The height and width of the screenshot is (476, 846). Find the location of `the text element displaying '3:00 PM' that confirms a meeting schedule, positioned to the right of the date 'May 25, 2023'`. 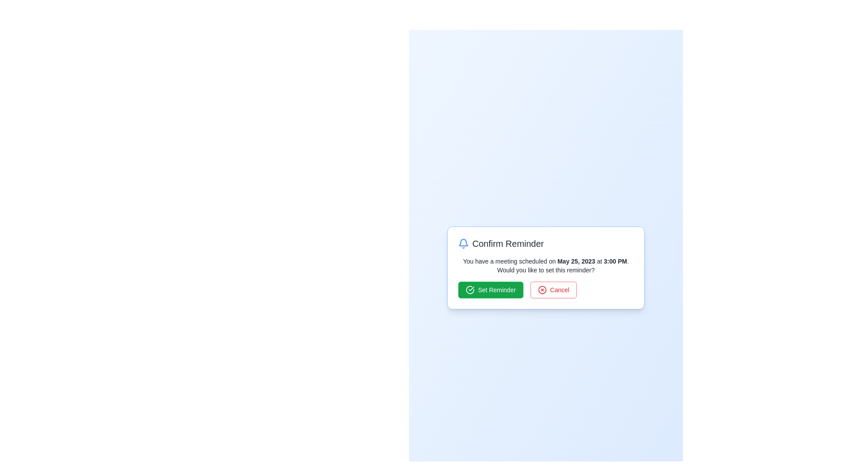

the text element displaying '3:00 PM' that confirms a meeting schedule, positioned to the right of the date 'May 25, 2023' is located at coordinates (615, 261).